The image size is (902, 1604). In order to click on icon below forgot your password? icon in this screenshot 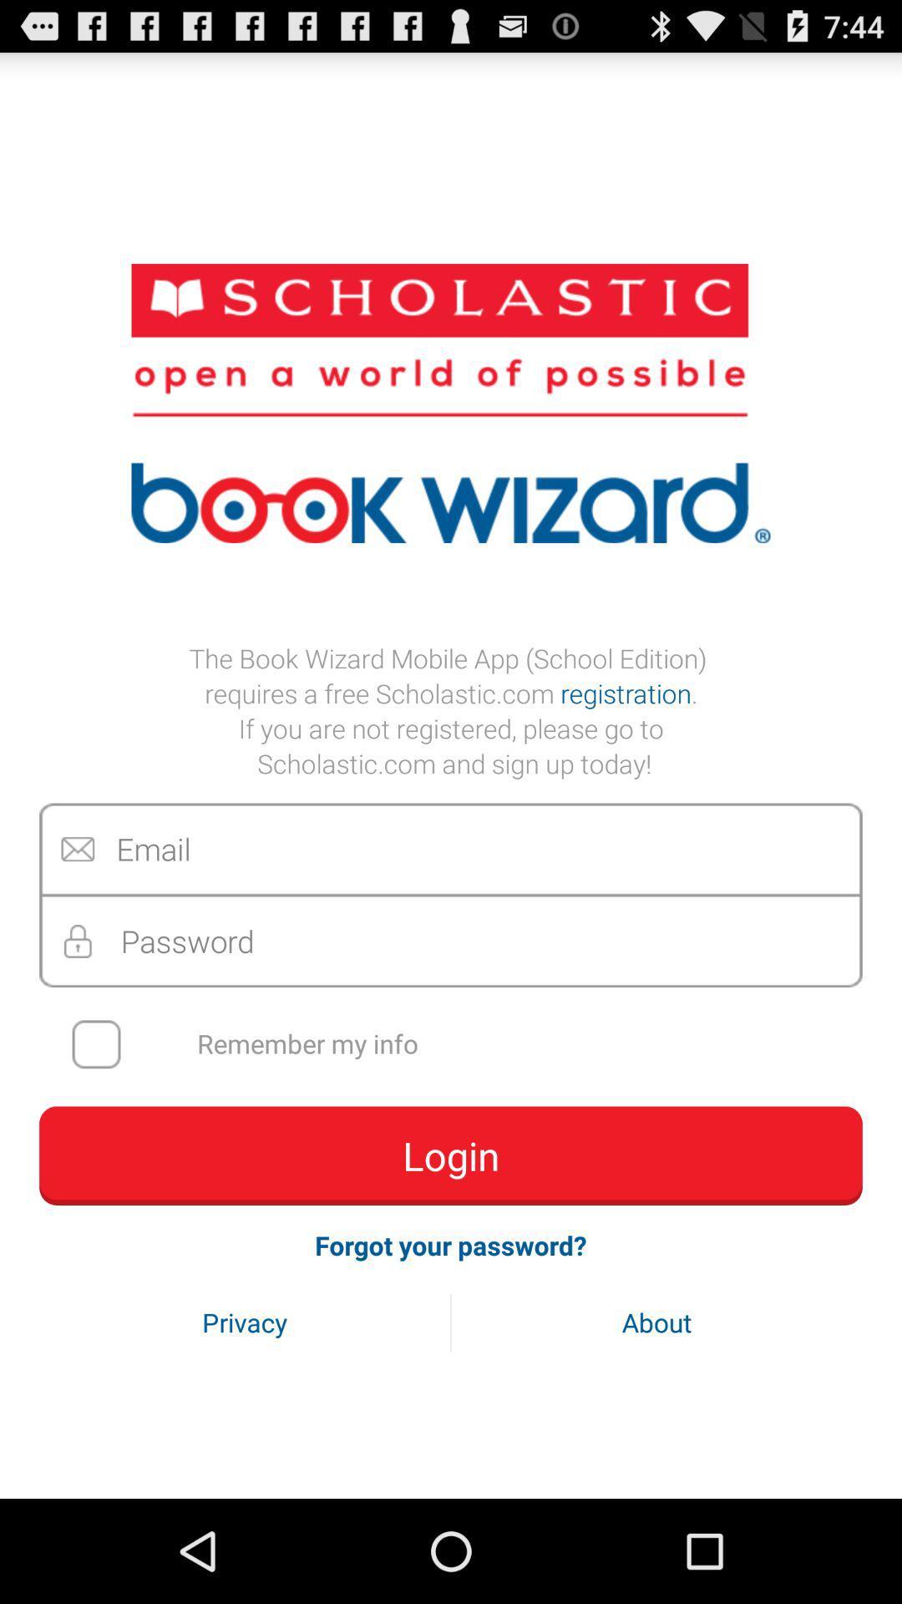, I will do `click(656, 1322)`.